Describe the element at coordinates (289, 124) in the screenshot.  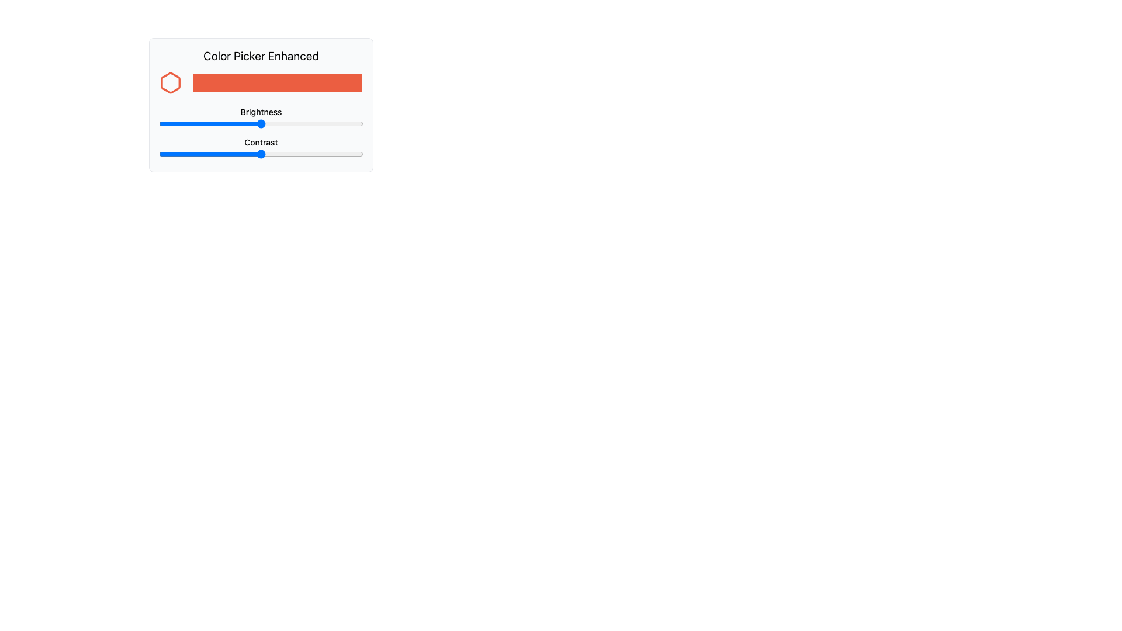
I see `brightness level` at that location.